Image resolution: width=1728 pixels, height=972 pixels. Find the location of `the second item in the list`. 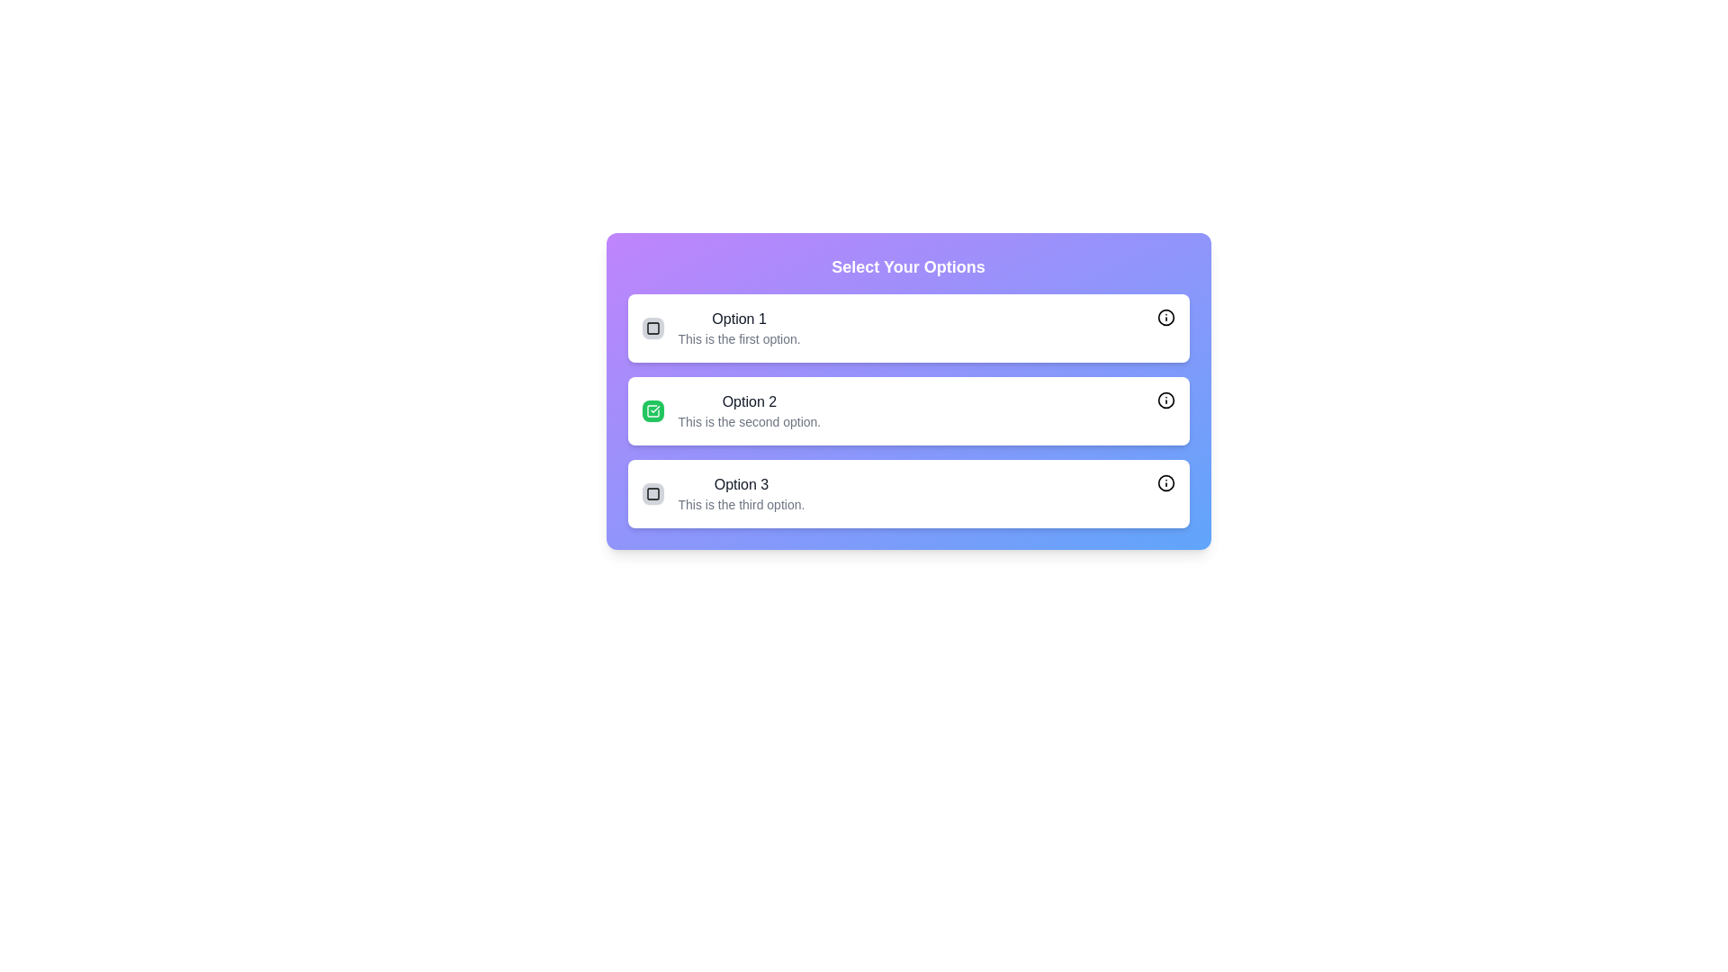

the second item in the list is located at coordinates (908, 410).